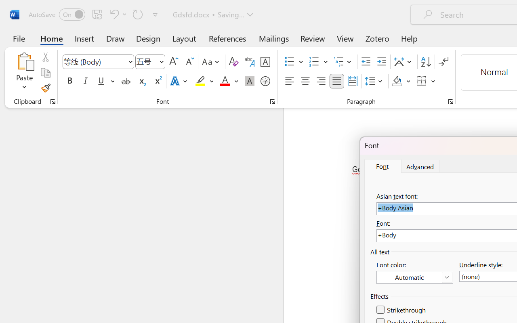 This screenshot has height=323, width=517. What do you see at coordinates (113, 14) in the screenshot?
I see `'Undo Style'` at bounding box center [113, 14].